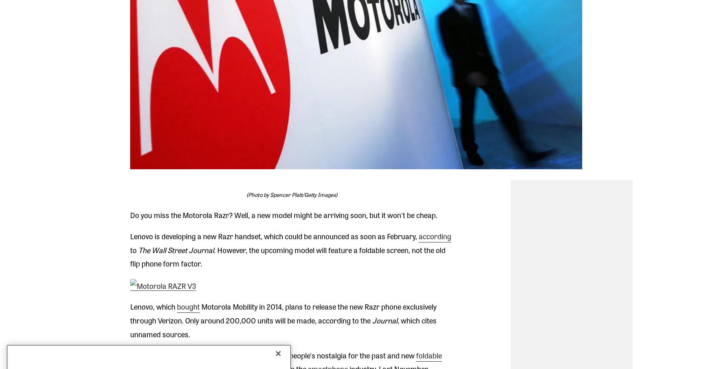  What do you see at coordinates (283, 313) in the screenshot?
I see `'Motorola Mobility in 2014, plans to release the new Razr phone exclusively through Verizon. Only around 200,000 units will be made, according to the'` at bounding box center [283, 313].